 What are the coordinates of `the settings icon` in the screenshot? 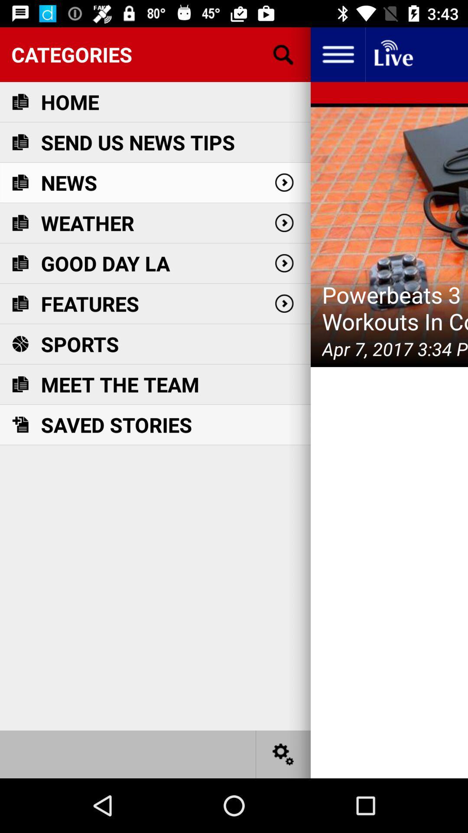 It's located at (283, 754).